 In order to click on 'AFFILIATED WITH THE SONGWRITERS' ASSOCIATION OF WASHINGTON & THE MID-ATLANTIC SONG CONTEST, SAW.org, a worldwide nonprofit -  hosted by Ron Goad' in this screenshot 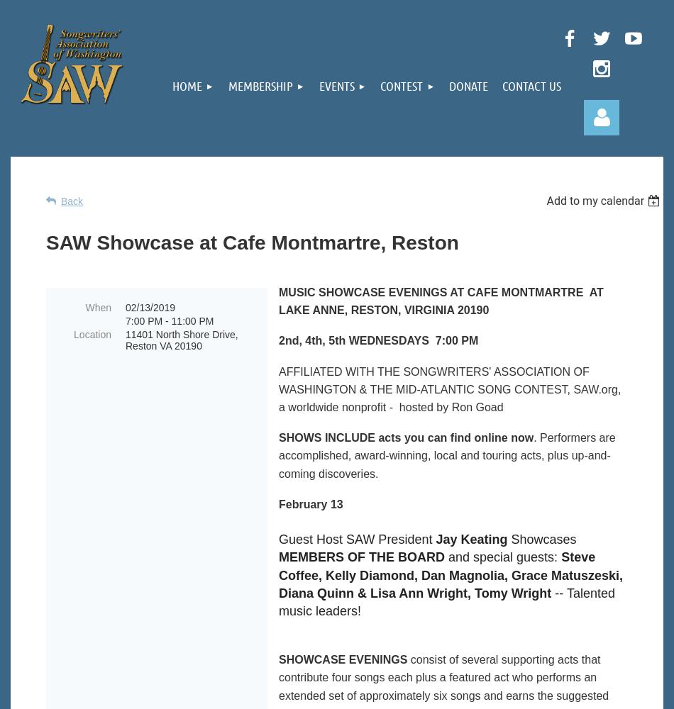, I will do `click(450, 389)`.